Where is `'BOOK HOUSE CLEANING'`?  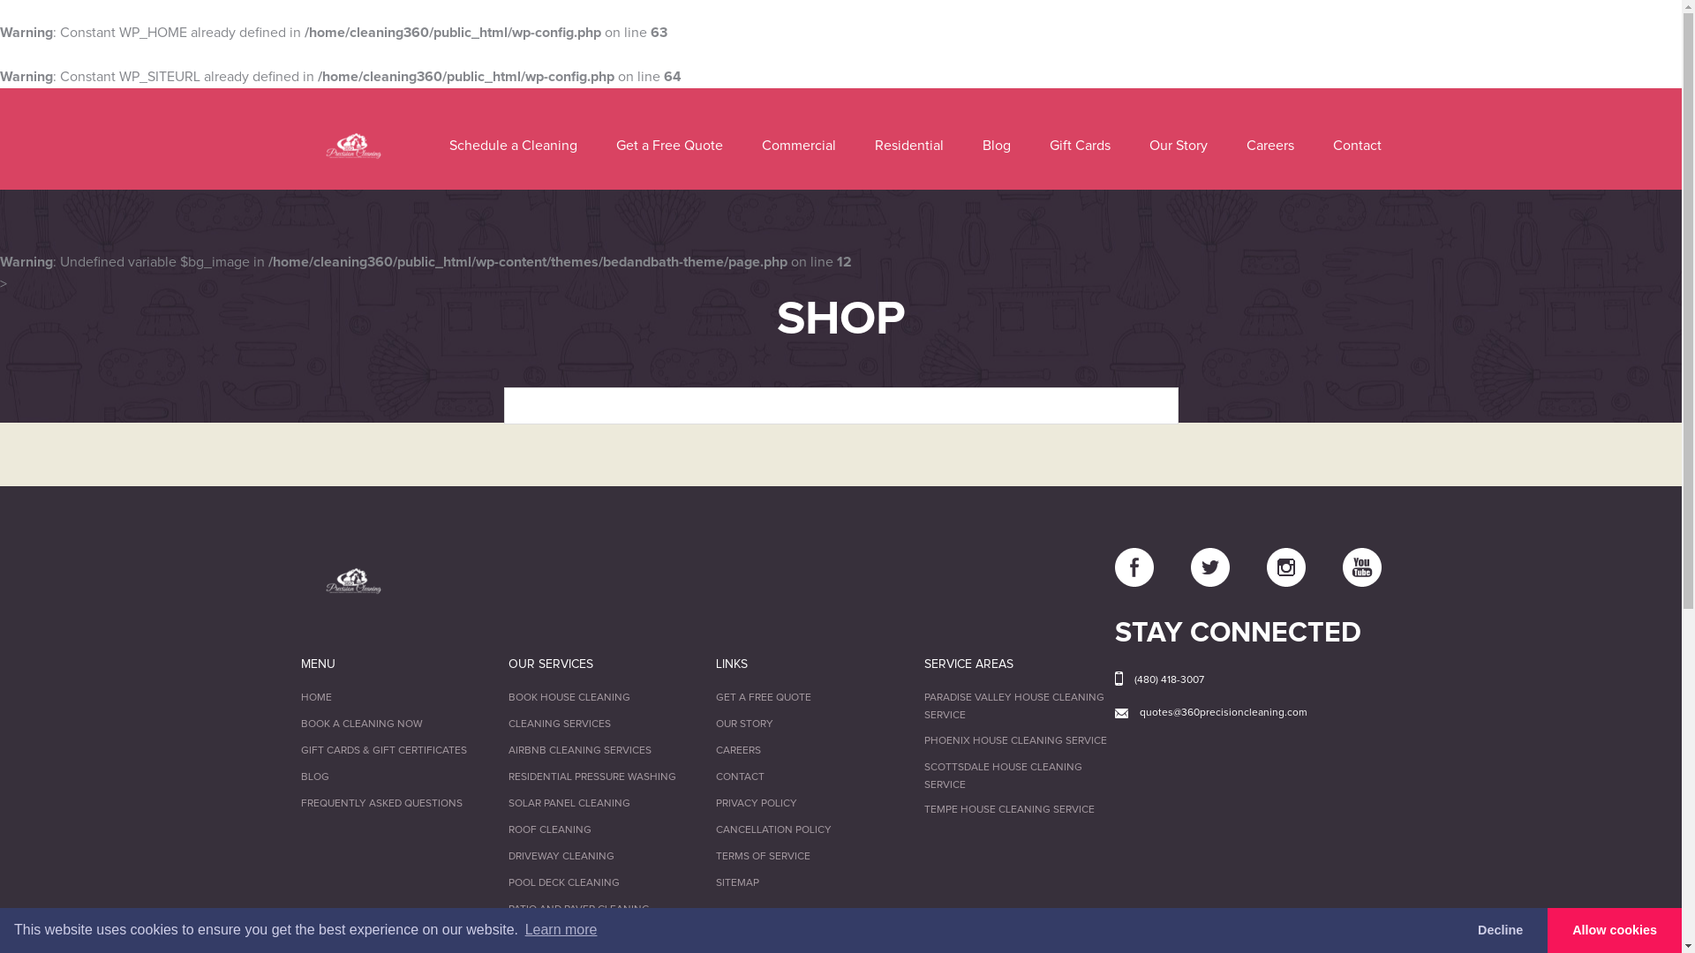 'BOOK HOUSE CLEANING' is located at coordinates (569, 696).